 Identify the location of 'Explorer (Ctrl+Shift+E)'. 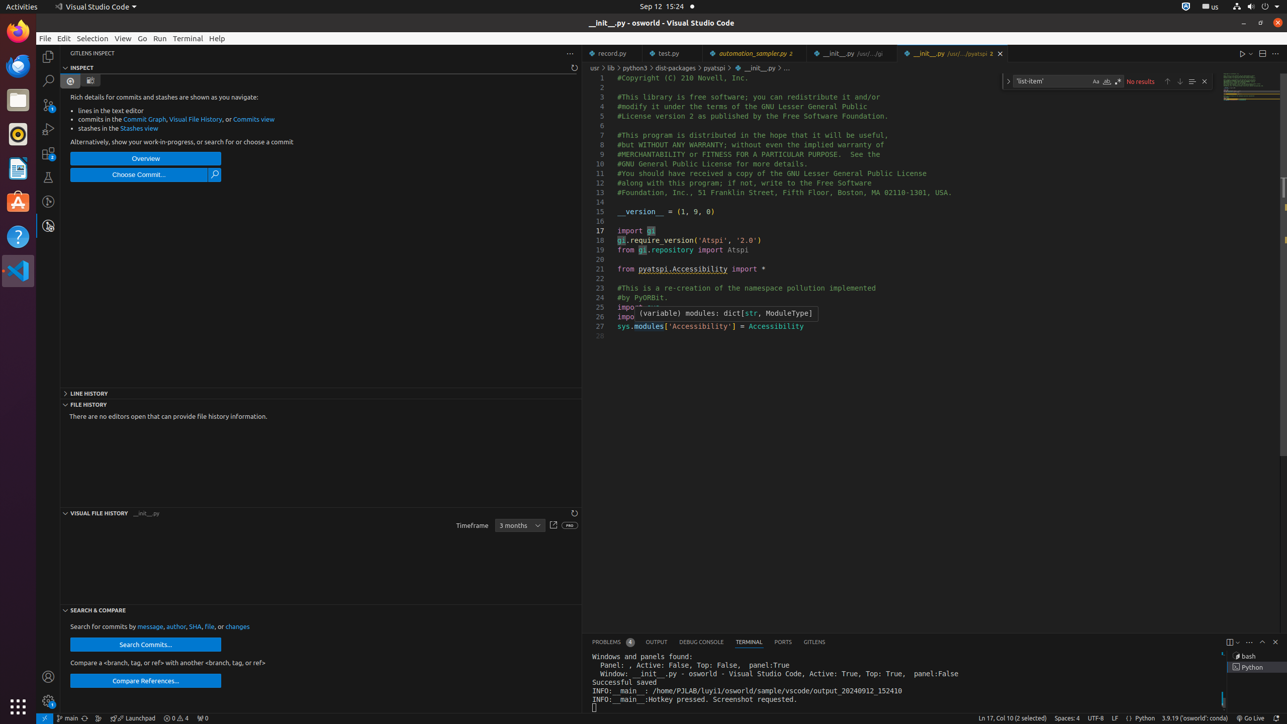
(48, 56).